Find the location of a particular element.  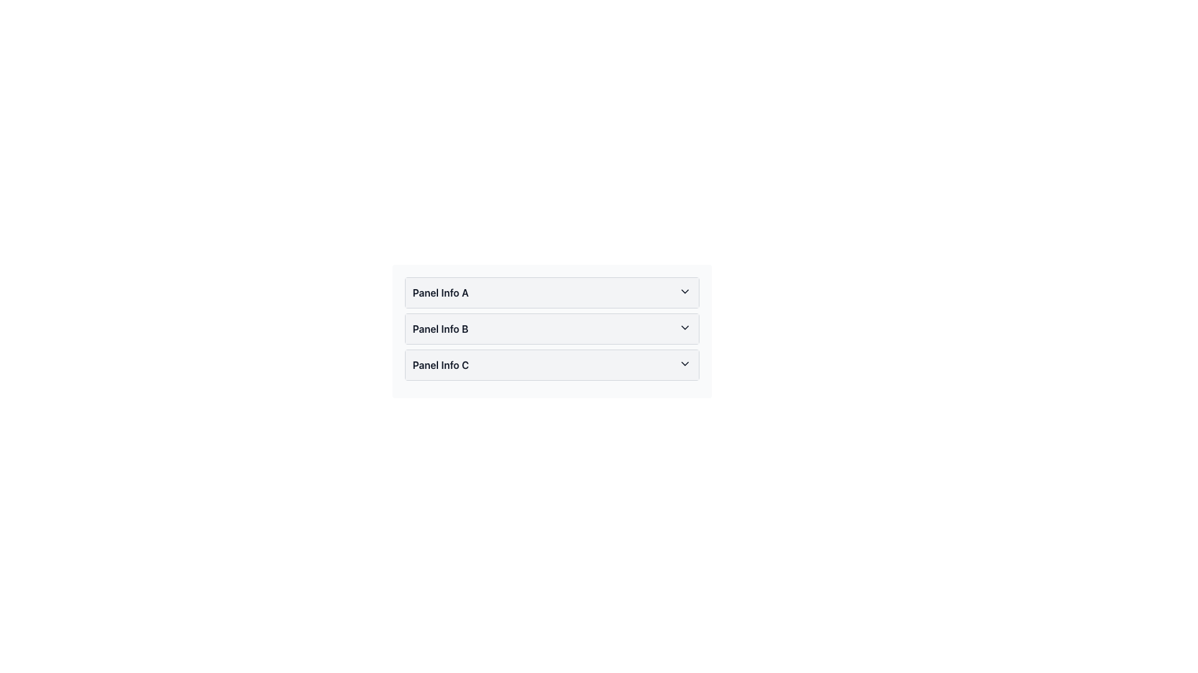

the collapsible panel labeled 'Panel Info B' is located at coordinates (551, 331).